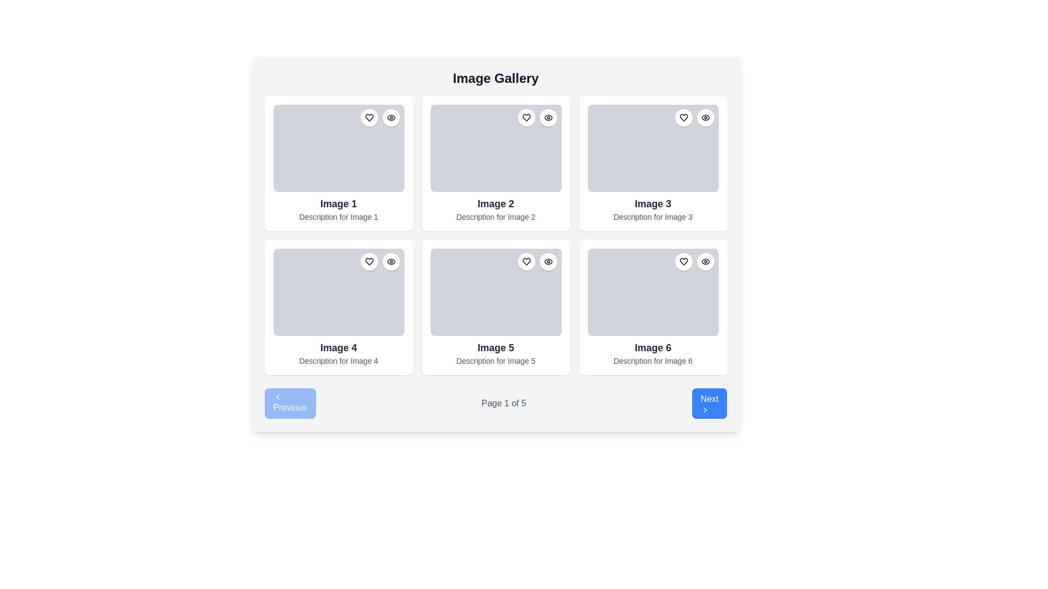 This screenshot has height=589, width=1048. Describe the element at coordinates (653, 204) in the screenshot. I see `text label displaying 'Image 3' in bold, located in the third tile of the first row, above the description text` at that location.